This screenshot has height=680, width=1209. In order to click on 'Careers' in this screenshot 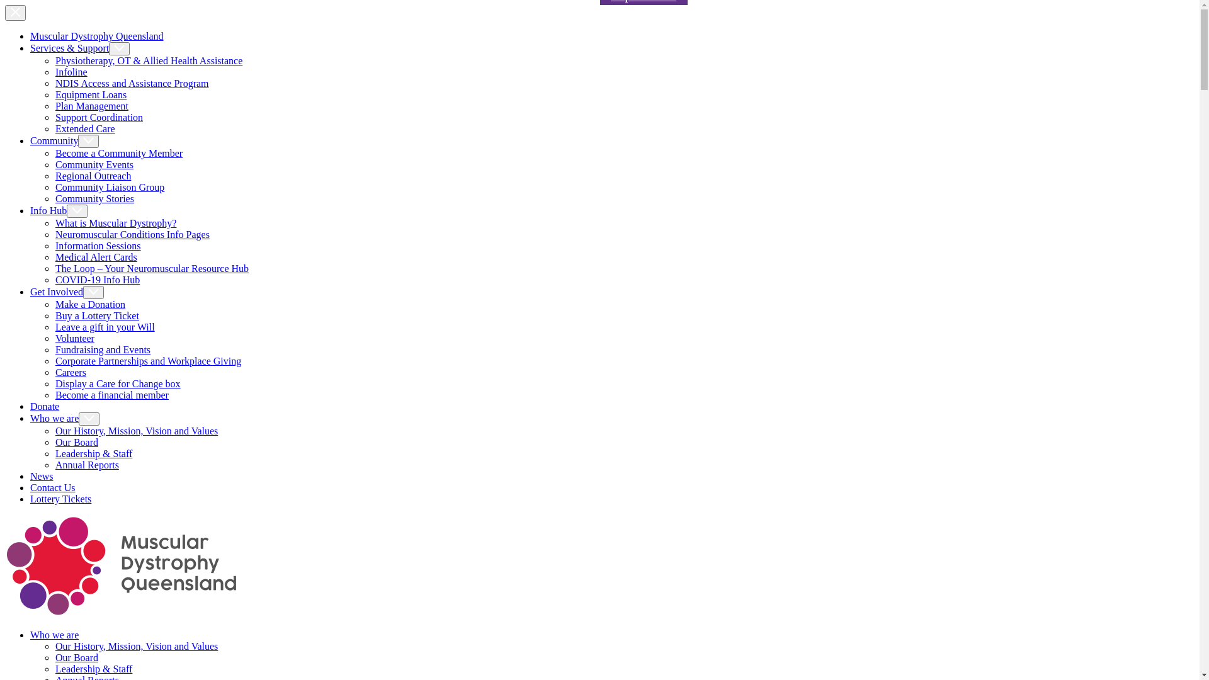, I will do `click(70, 371)`.